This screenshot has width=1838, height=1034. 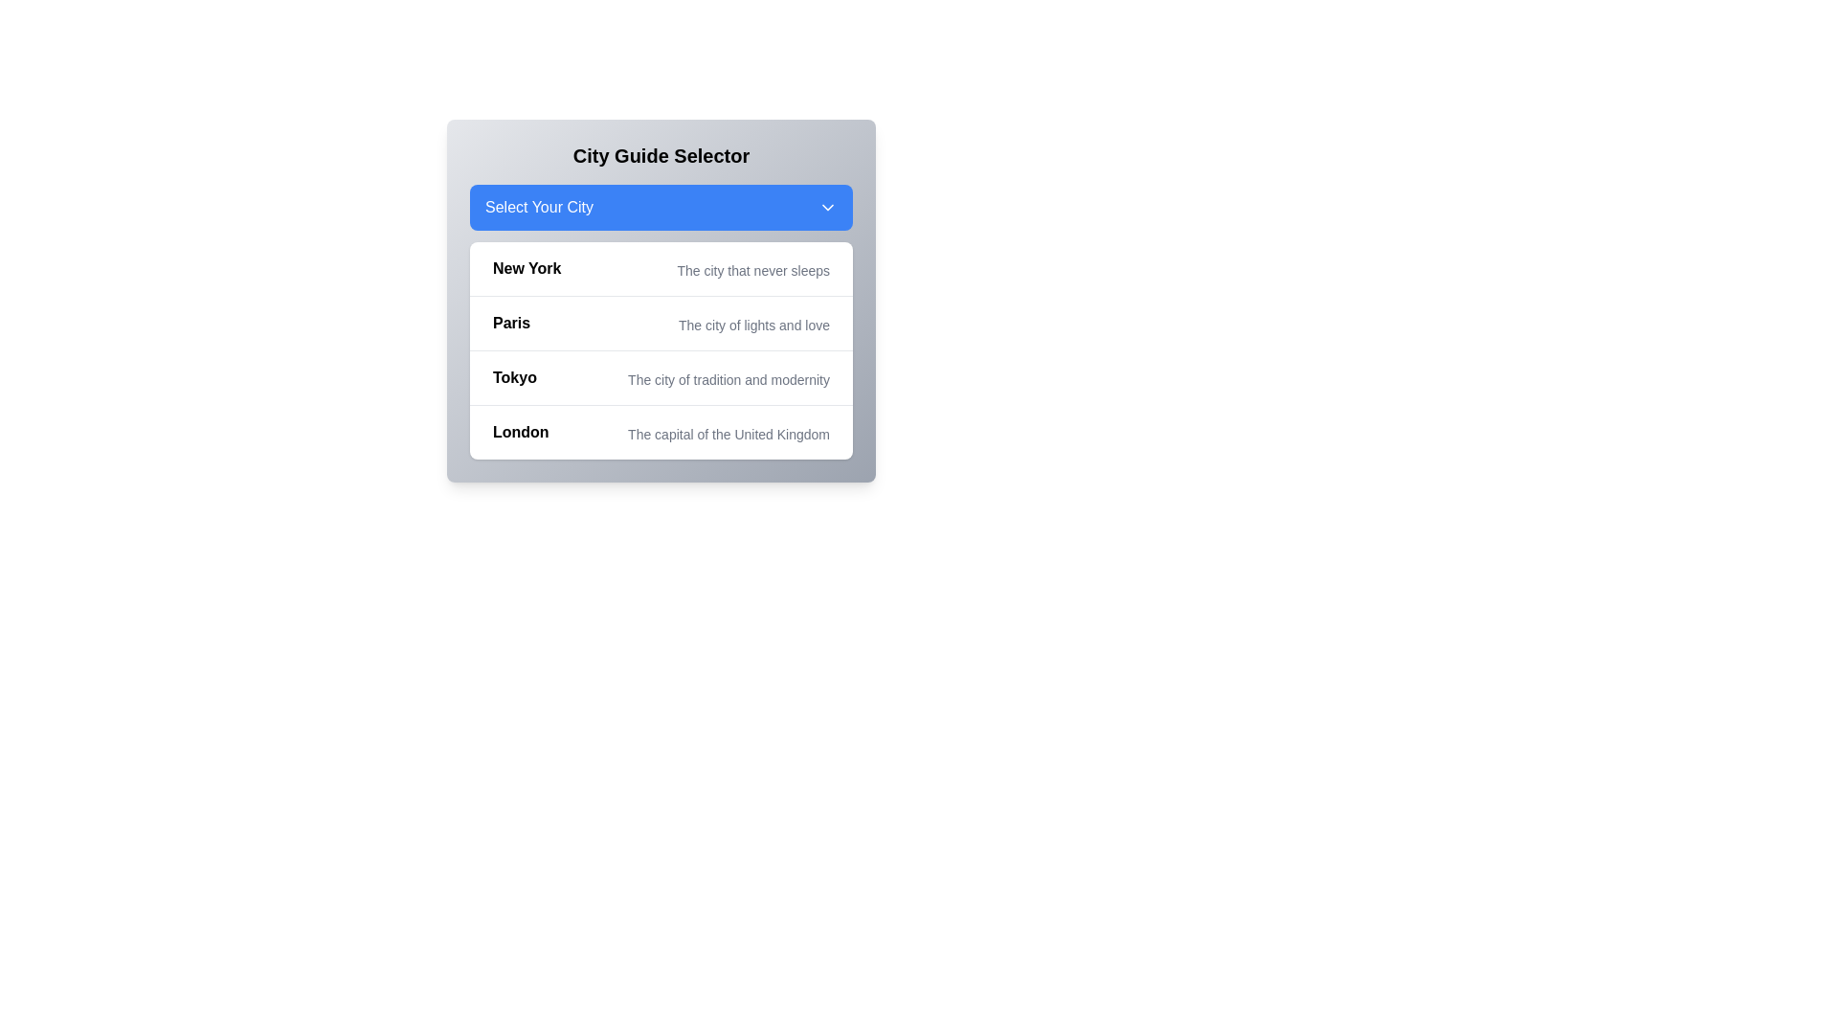 What do you see at coordinates (661, 269) in the screenshot?
I see `the first item in the city guide selector` at bounding box center [661, 269].